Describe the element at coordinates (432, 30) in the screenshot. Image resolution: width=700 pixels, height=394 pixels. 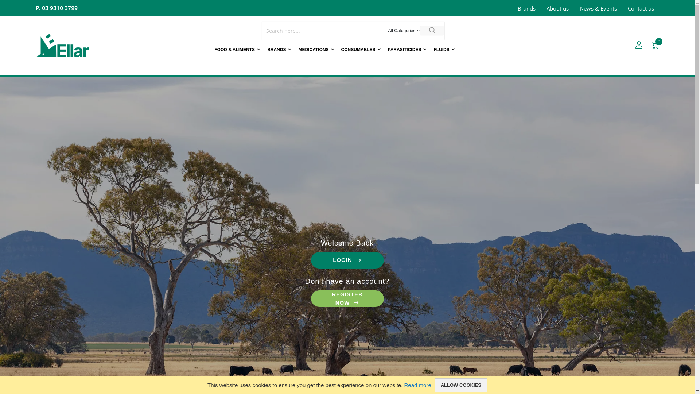
I see `'Search'` at that location.